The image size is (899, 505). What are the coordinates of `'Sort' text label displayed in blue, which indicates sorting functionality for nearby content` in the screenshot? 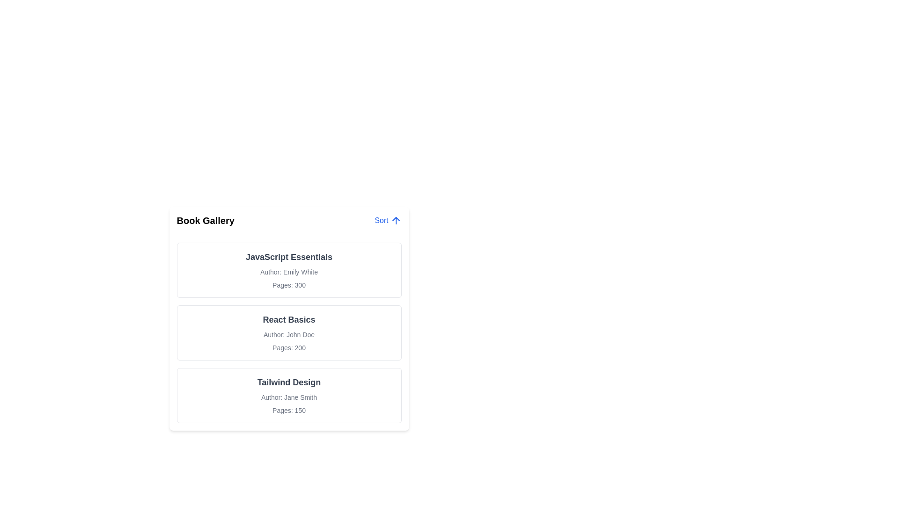 It's located at (381, 220).